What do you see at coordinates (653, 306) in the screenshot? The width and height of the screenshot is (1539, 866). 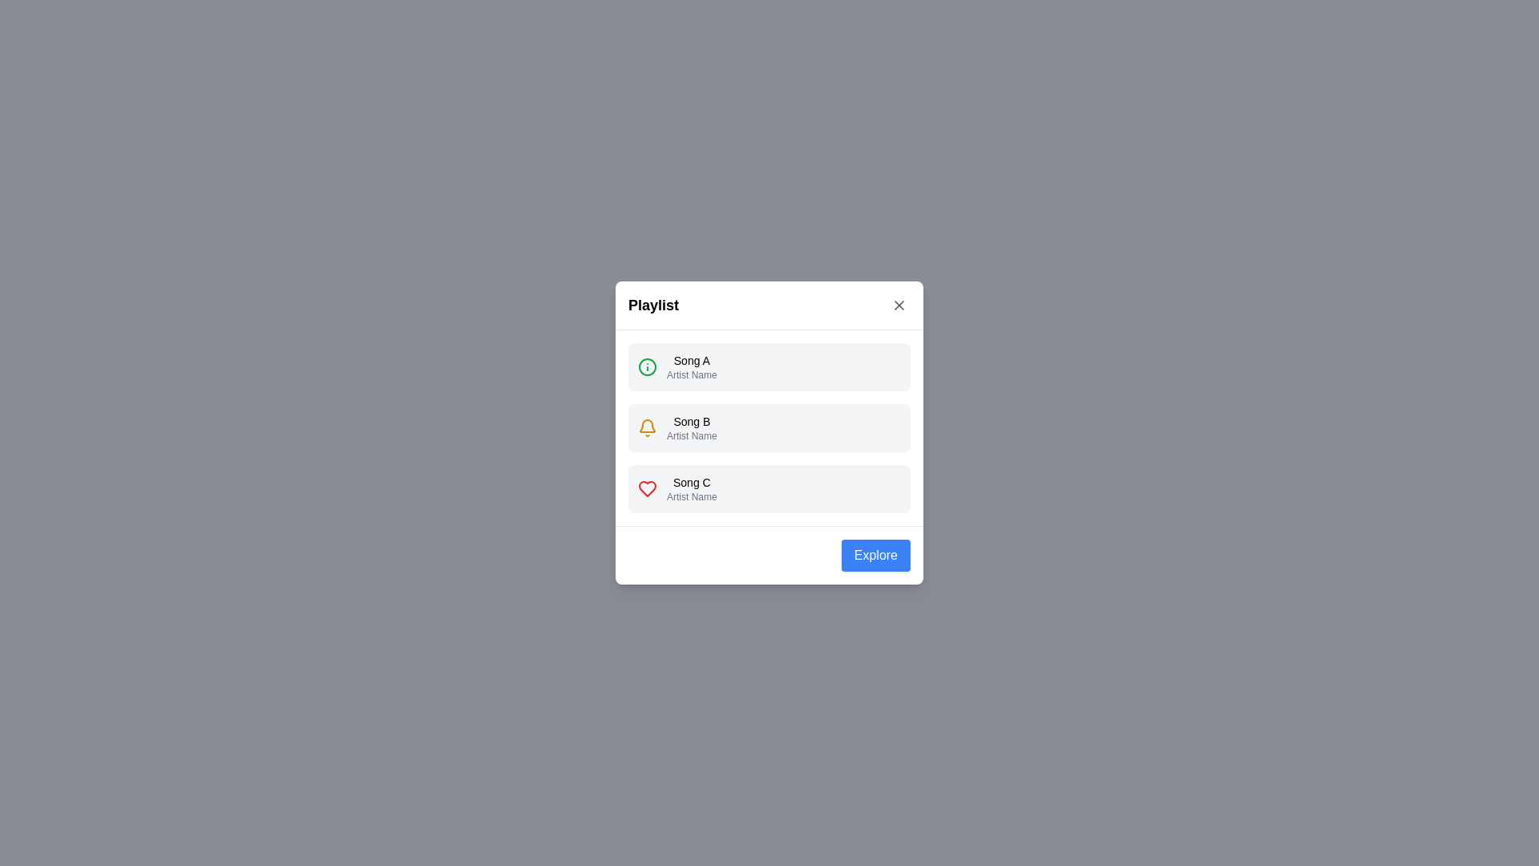 I see `text content of the 'Playlist' label located in the top-left corner of the dialog box, which is styled in bold and large font` at bounding box center [653, 306].